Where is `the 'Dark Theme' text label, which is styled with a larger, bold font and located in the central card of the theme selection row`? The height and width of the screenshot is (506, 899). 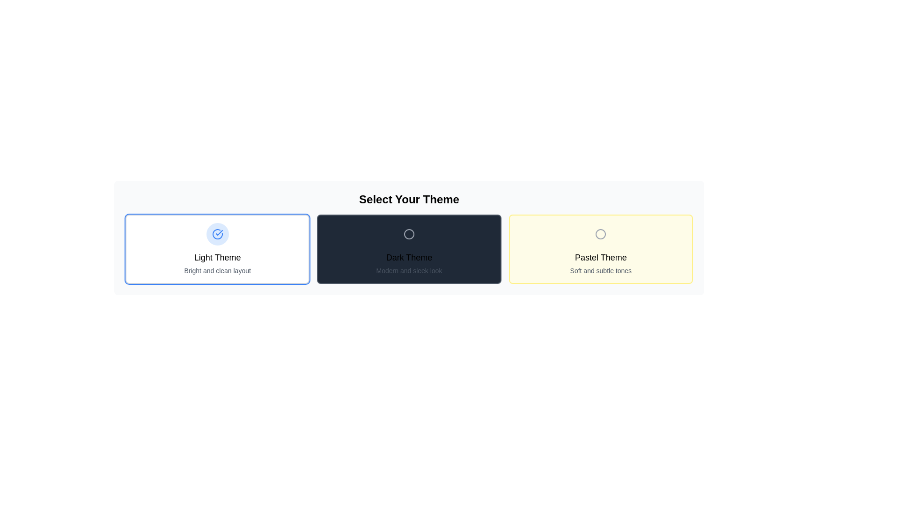
the 'Dark Theme' text label, which is styled with a larger, bold font and located in the central card of the theme selection row is located at coordinates (409, 258).